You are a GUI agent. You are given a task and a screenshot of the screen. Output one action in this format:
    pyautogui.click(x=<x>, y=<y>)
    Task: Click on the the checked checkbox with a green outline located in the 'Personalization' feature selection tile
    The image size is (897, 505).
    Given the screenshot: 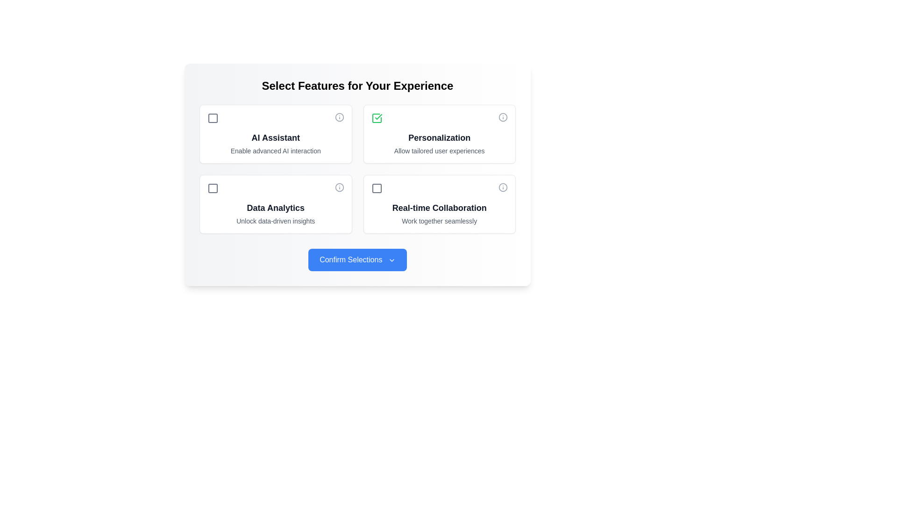 What is the action you would take?
    pyautogui.click(x=377, y=118)
    